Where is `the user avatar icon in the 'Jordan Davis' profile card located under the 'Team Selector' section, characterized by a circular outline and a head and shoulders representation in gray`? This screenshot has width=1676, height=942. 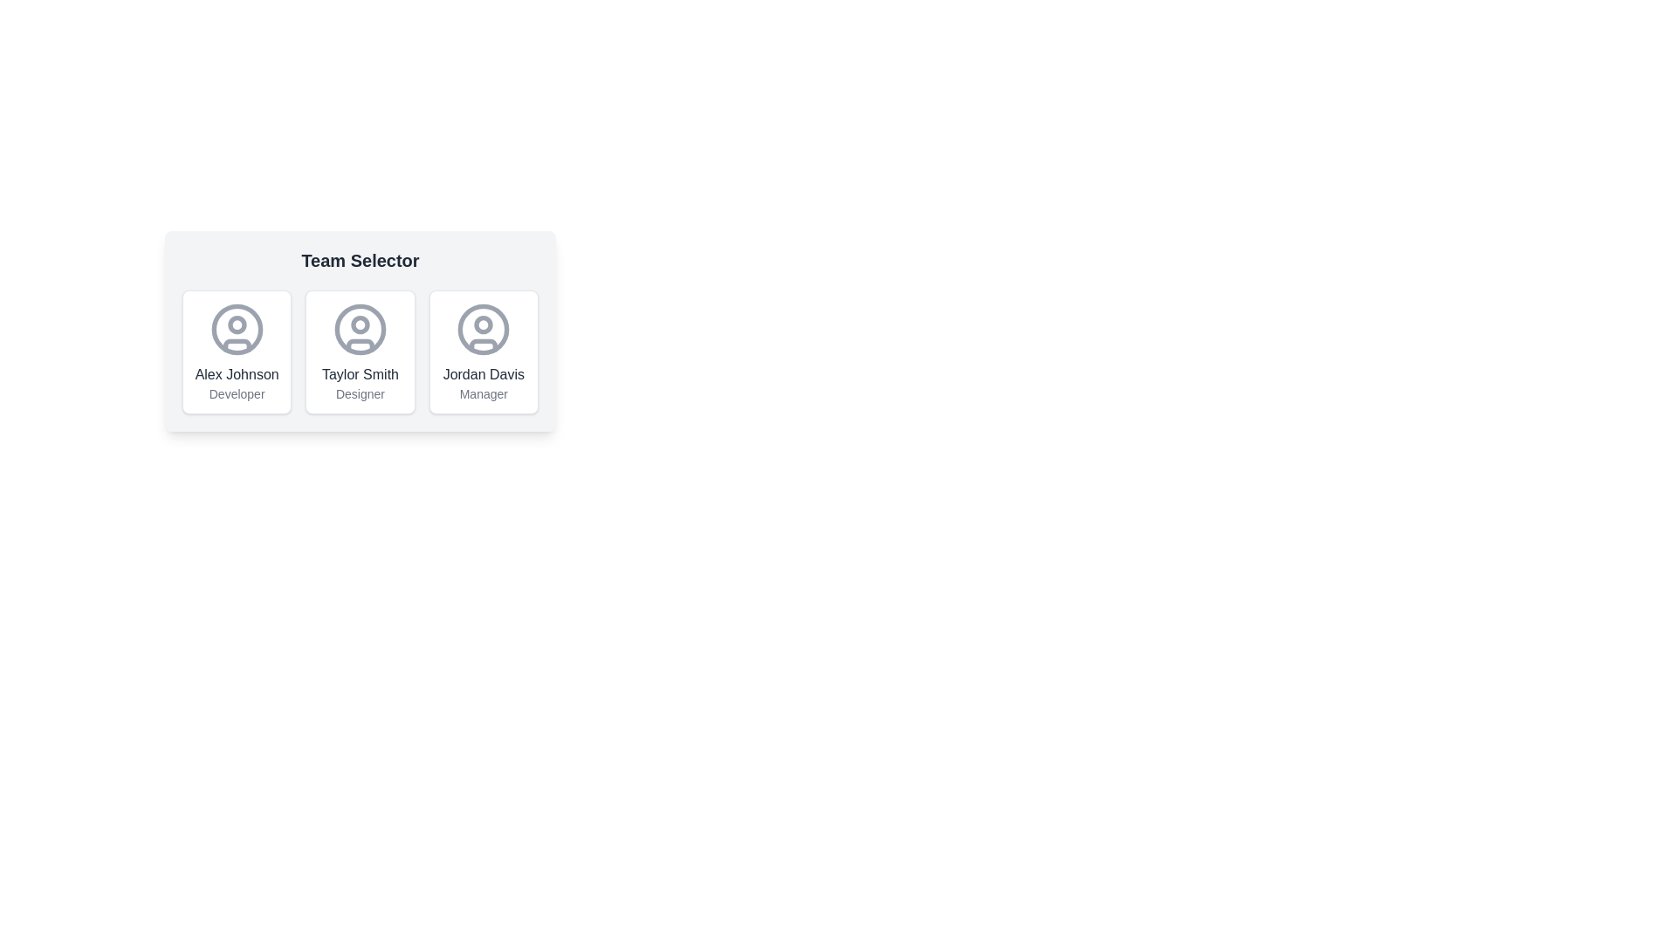
the user avatar icon in the 'Jordan Davis' profile card located under the 'Team Selector' section, characterized by a circular outline and a head and shoulders representation in gray is located at coordinates (484, 330).